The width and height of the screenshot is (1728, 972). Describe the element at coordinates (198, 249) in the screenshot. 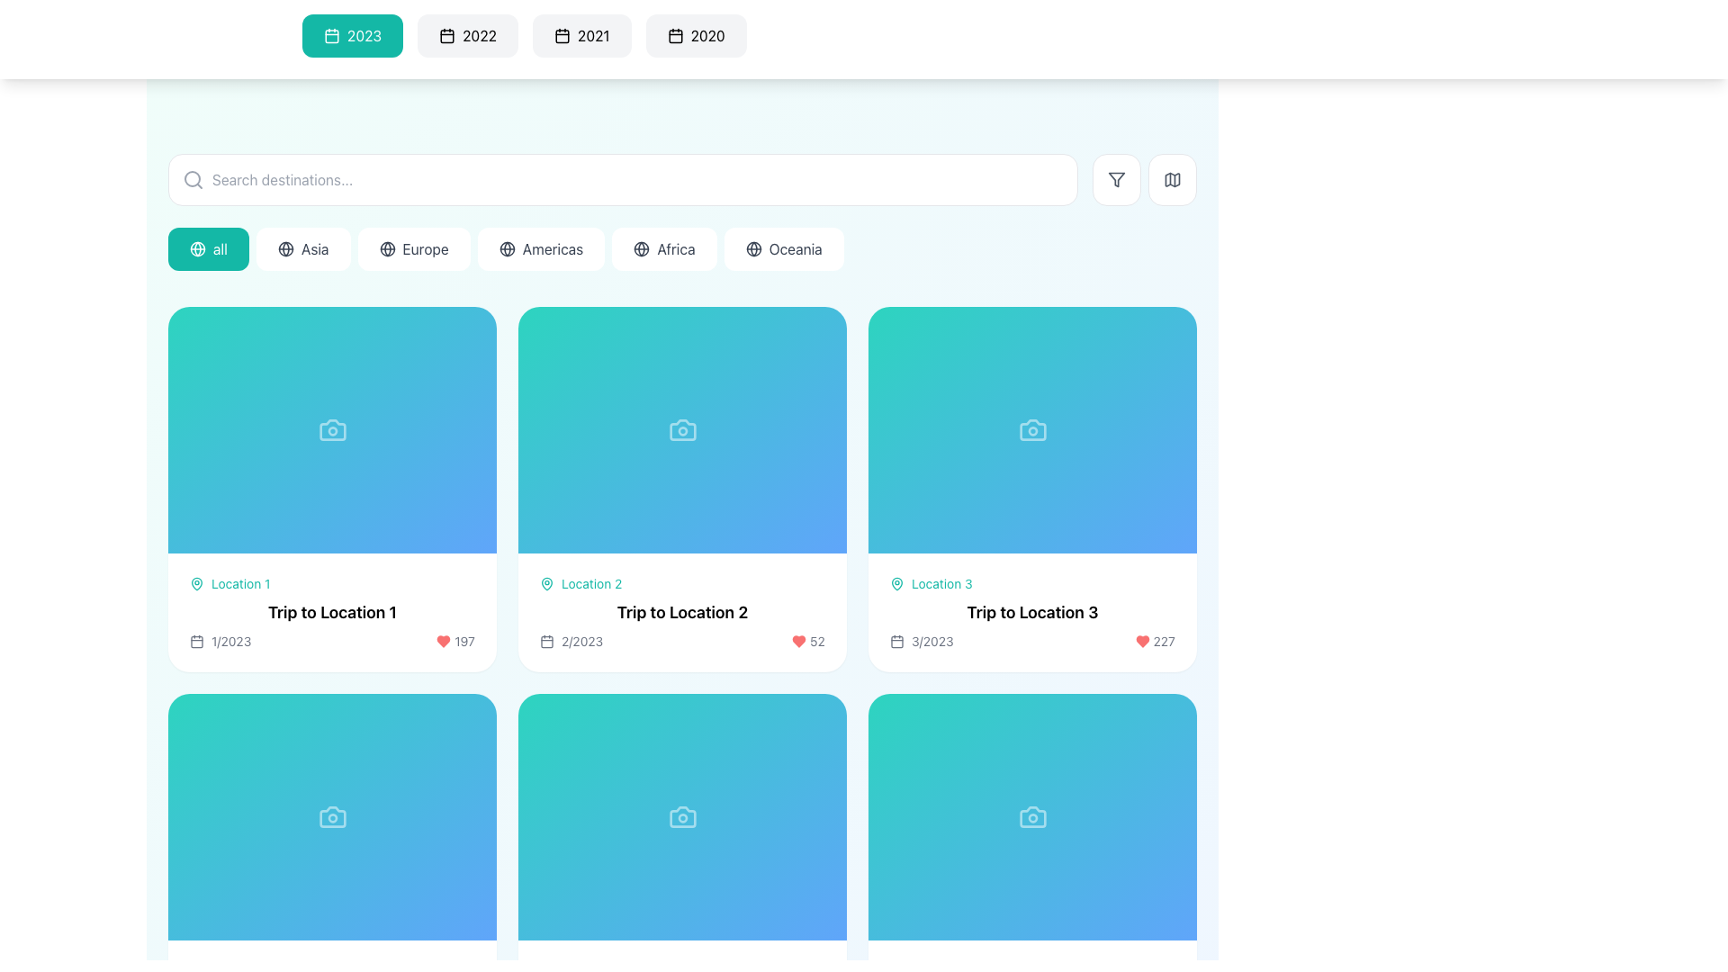

I see `the button labeled 'all' that contains the global selection icon` at that location.